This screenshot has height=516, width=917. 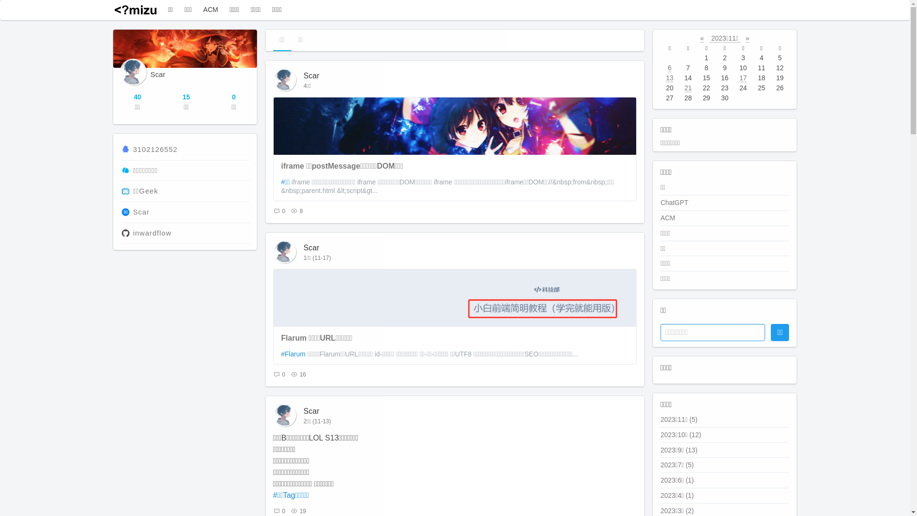 What do you see at coordinates (293, 354) in the screenshot?
I see `'#Flarum'` at bounding box center [293, 354].